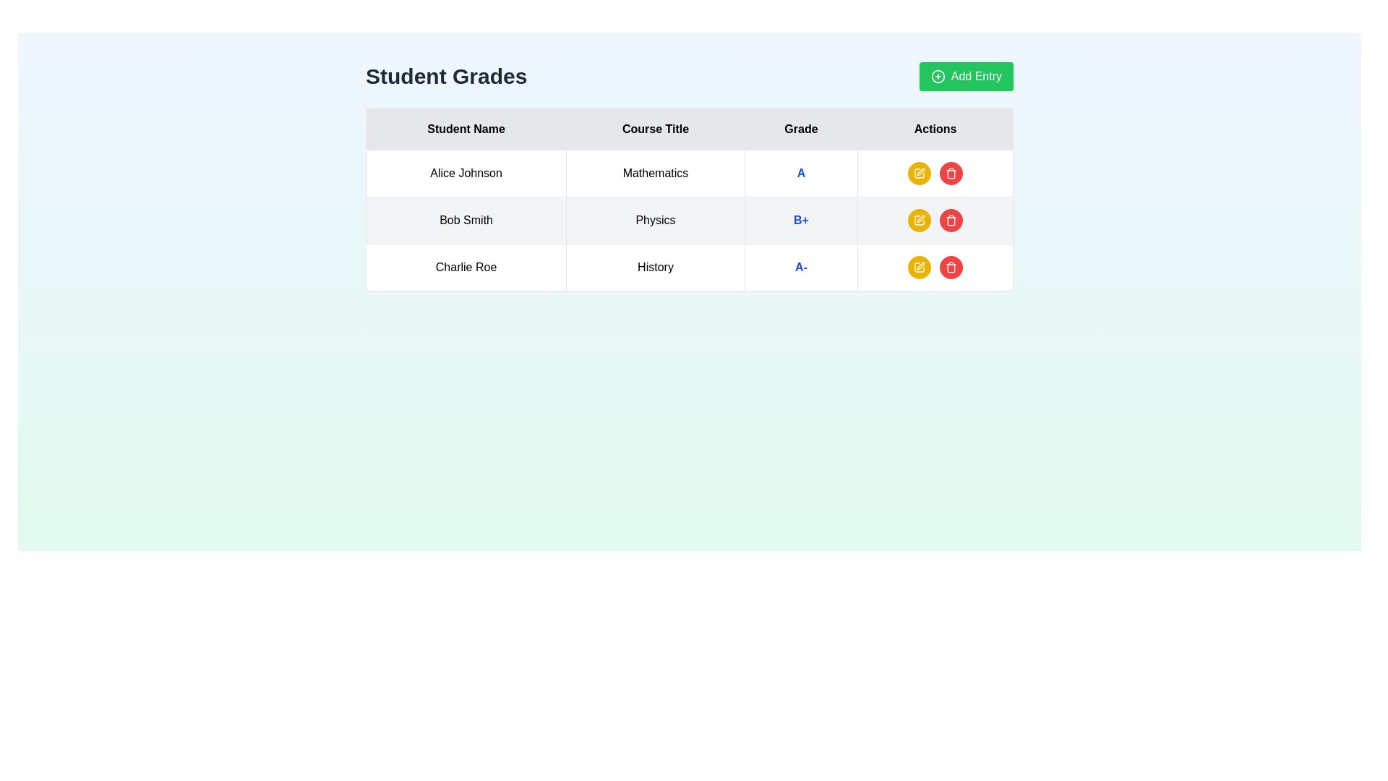  What do you see at coordinates (951, 268) in the screenshot?
I see `the vertical line segment of the trash bin icon in the 'Delete' action for the second row labeled 'Bob Smith' in the 'Student Grades' table` at bounding box center [951, 268].